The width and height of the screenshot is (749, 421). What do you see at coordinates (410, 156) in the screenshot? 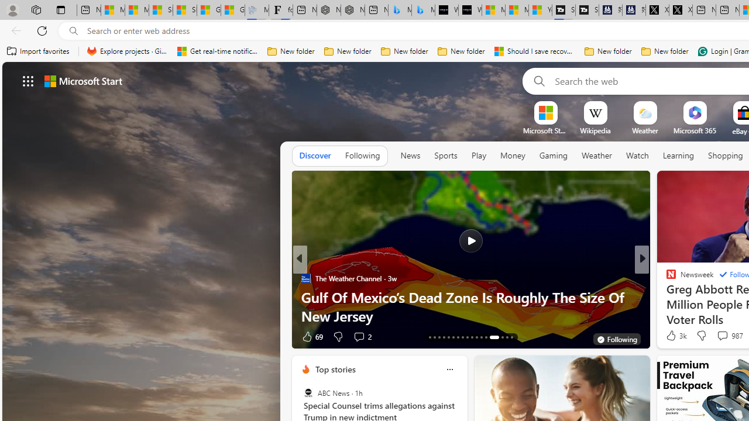
I see `'News'` at bounding box center [410, 156].